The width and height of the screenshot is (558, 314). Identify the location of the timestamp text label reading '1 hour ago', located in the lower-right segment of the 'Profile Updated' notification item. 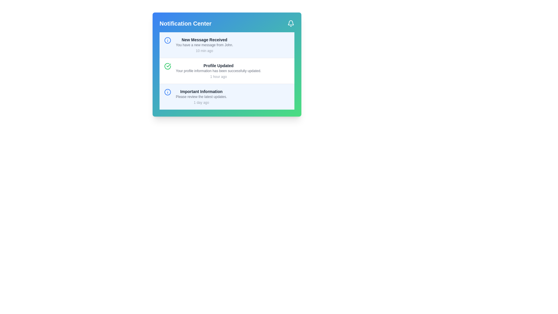
(218, 76).